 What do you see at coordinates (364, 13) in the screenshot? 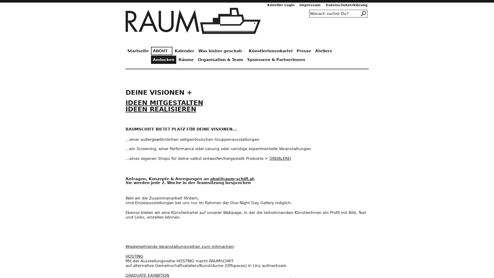
I see `Los` at bounding box center [364, 13].